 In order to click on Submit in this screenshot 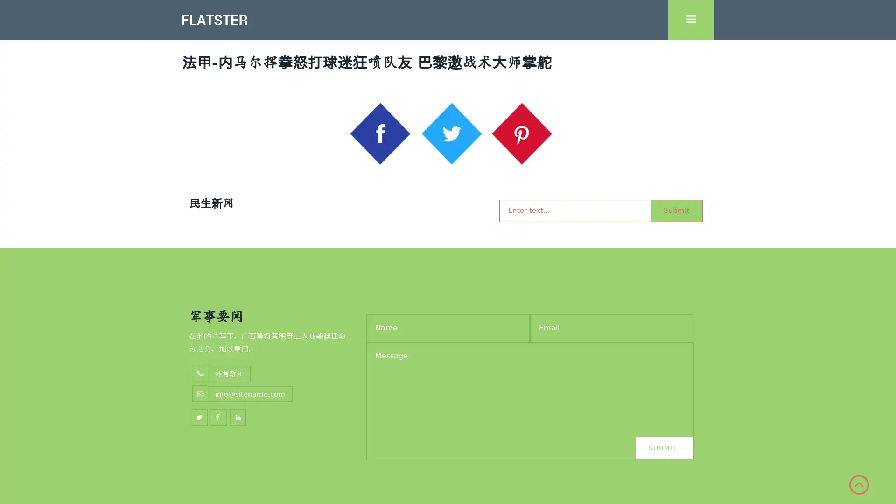, I will do `click(664, 447)`.